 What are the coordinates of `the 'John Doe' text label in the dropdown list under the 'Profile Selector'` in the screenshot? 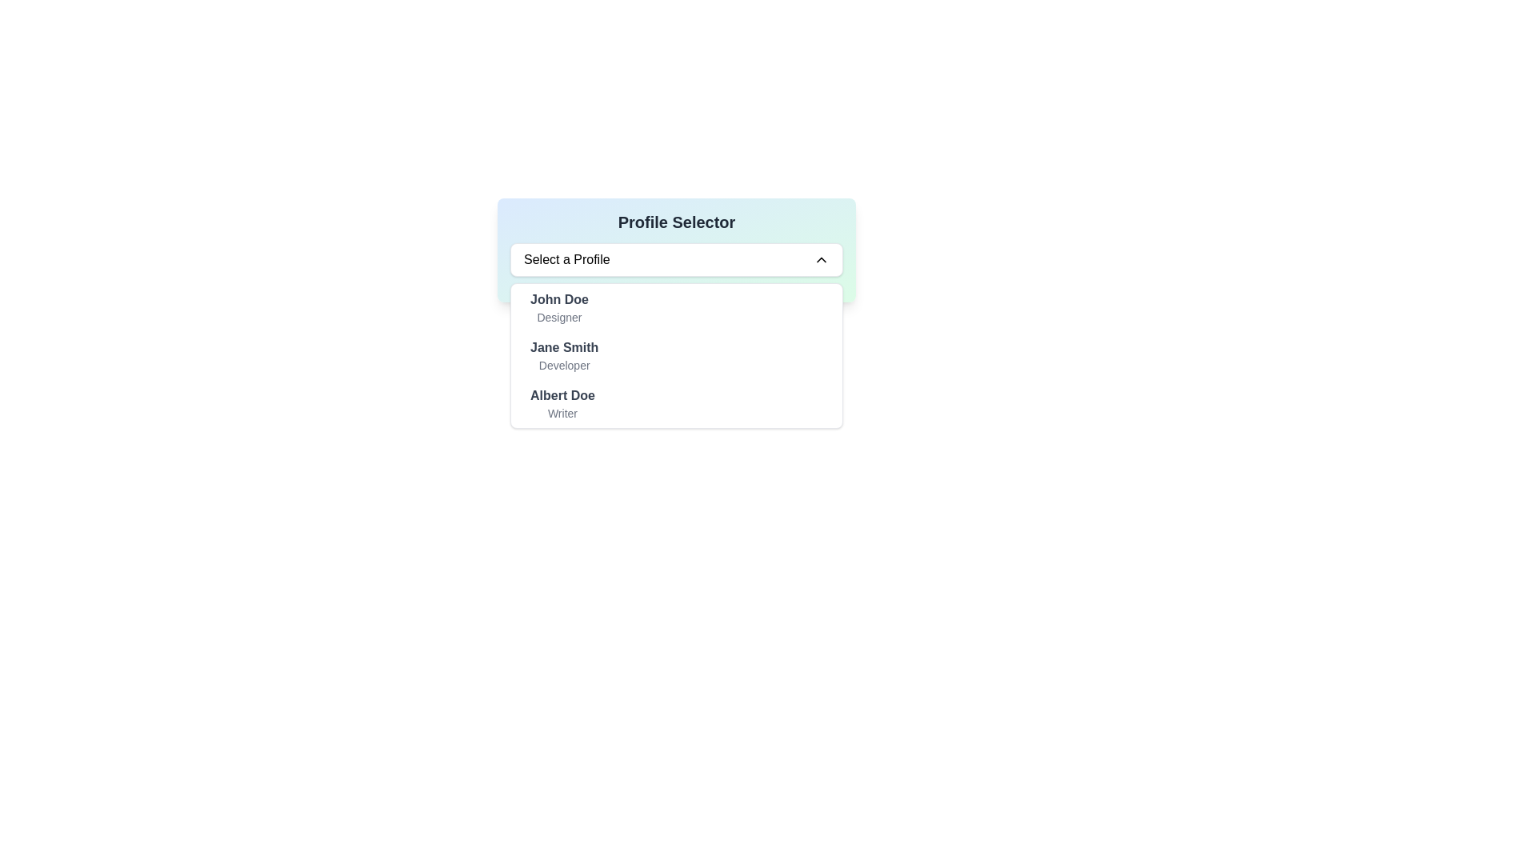 It's located at (559, 299).